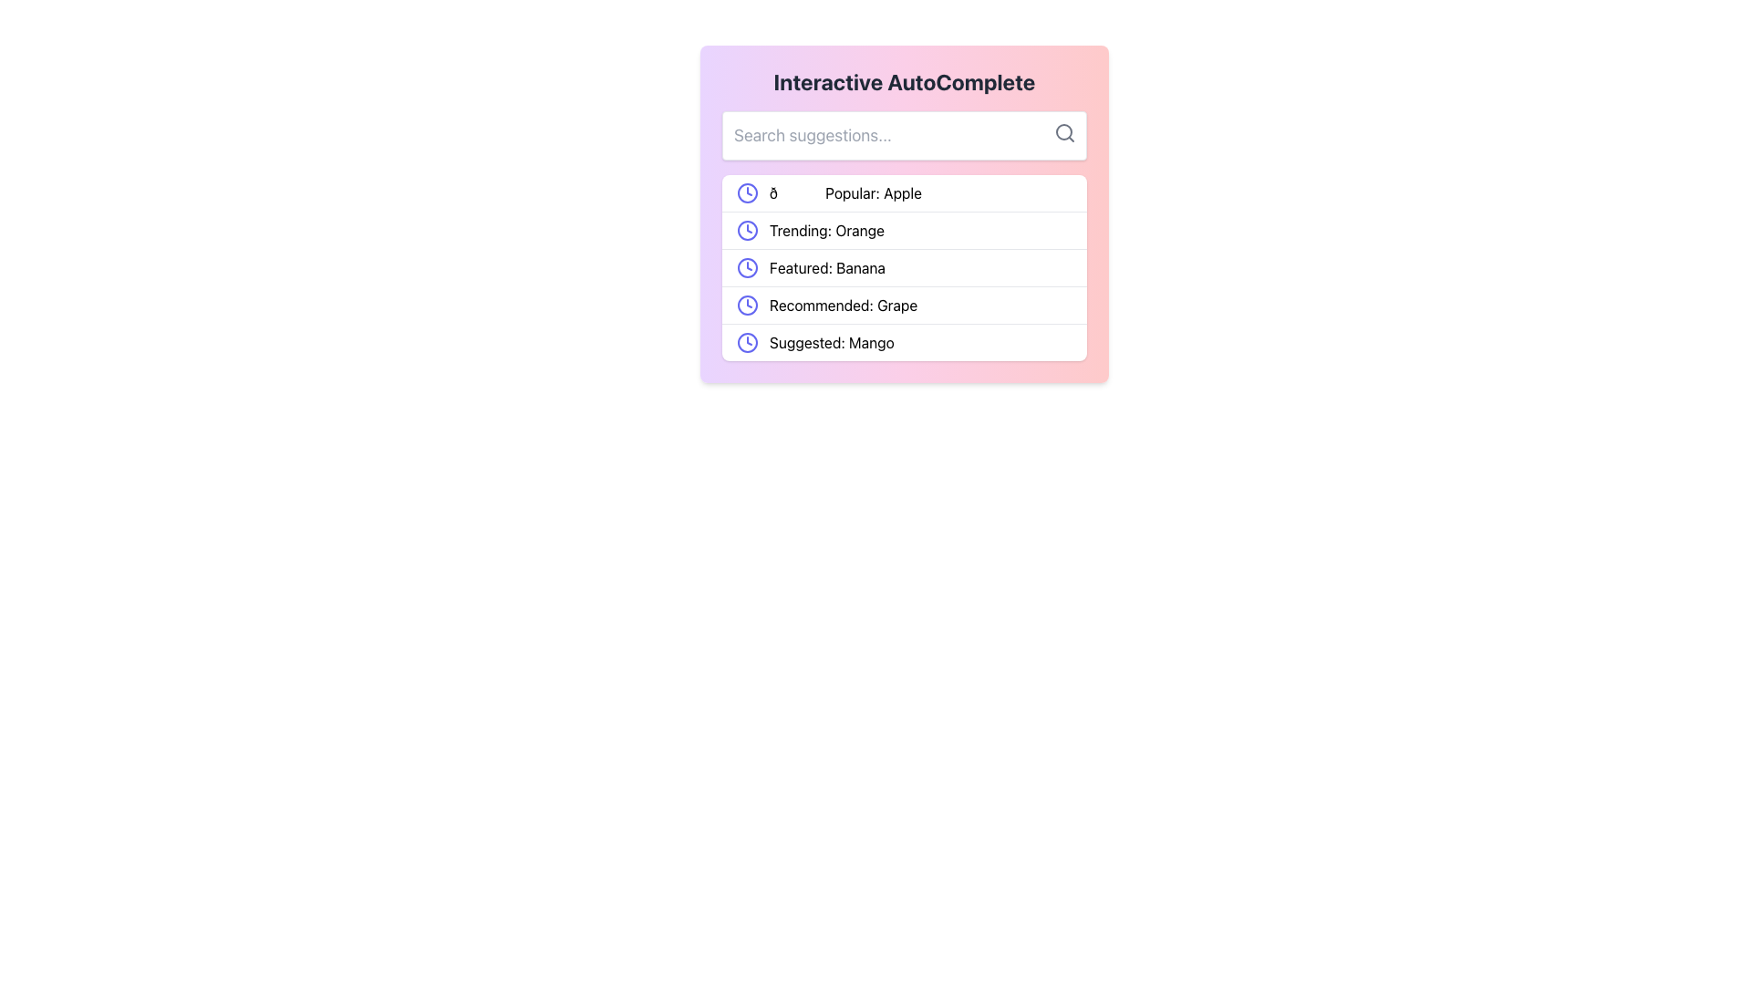 Image resolution: width=1751 pixels, height=985 pixels. What do you see at coordinates (1063, 131) in the screenshot?
I see `the central circular part of the magnifying glass icon, which represents the search functionality, located at the top-right corner of the search input box` at bounding box center [1063, 131].